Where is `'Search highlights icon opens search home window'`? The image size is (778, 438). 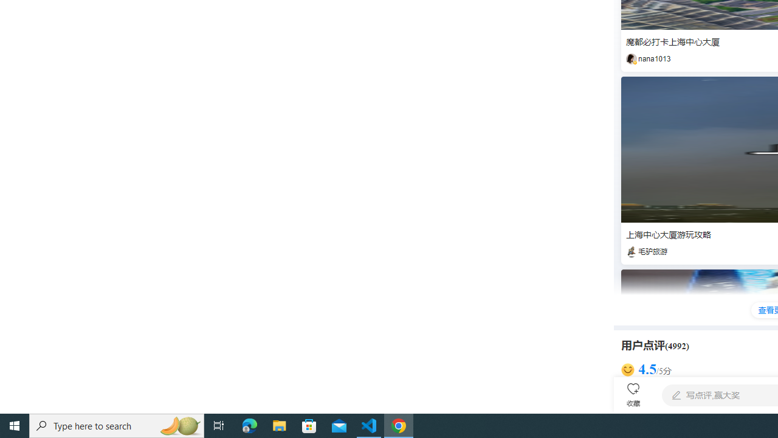
'Search highlights icon opens search home window' is located at coordinates (179, 425).